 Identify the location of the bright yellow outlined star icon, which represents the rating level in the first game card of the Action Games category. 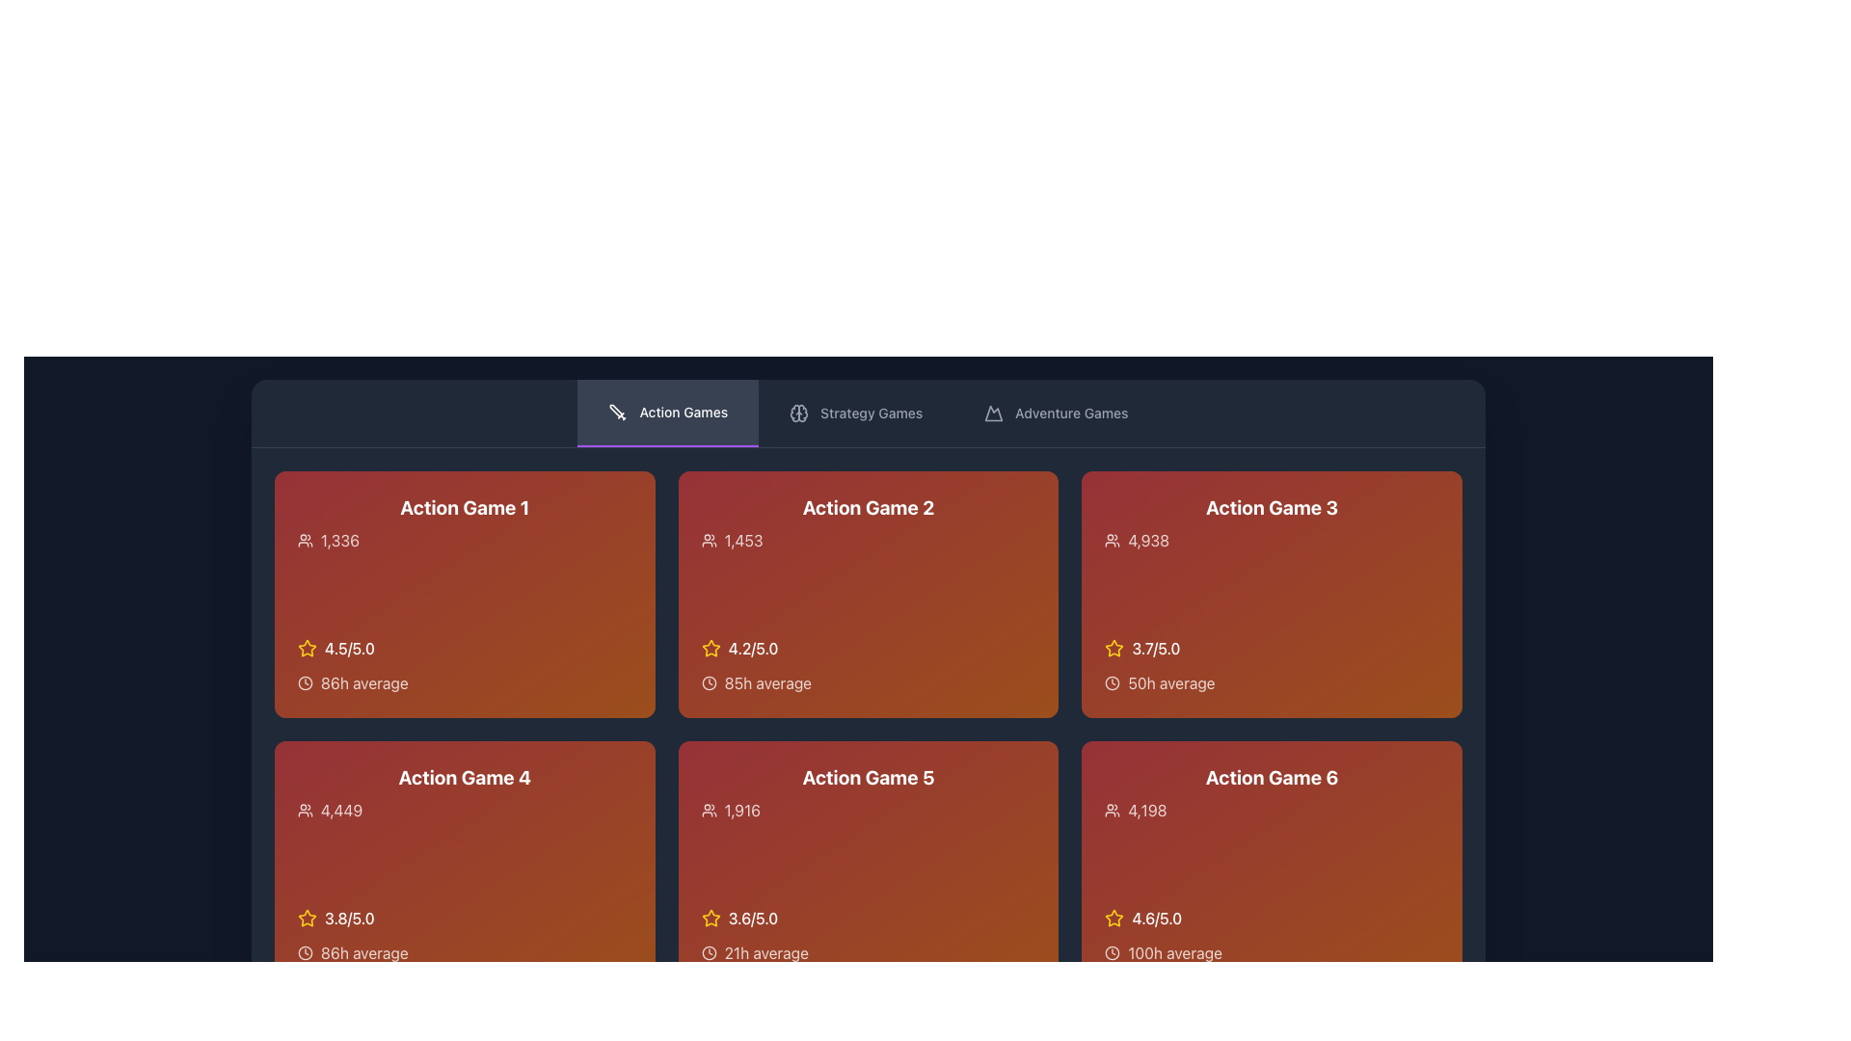
(306, 648).